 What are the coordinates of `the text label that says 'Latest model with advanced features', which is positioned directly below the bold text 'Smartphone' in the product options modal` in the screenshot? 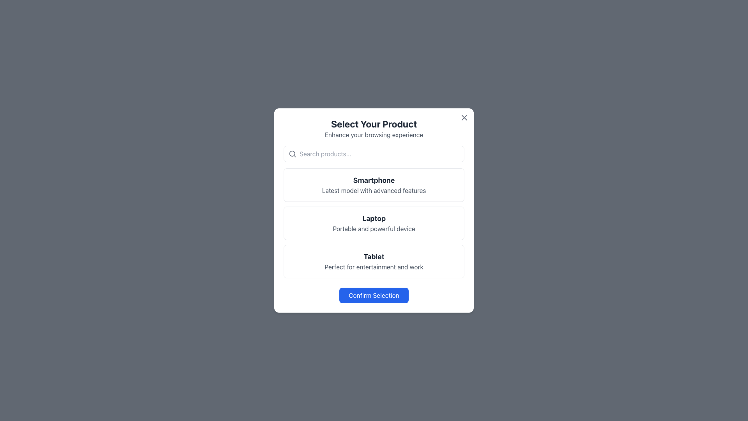 It's located at (374, 191).